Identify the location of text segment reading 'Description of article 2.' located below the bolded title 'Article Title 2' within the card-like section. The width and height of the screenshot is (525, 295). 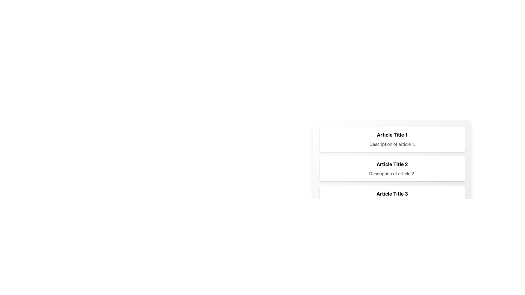
(392, 174).